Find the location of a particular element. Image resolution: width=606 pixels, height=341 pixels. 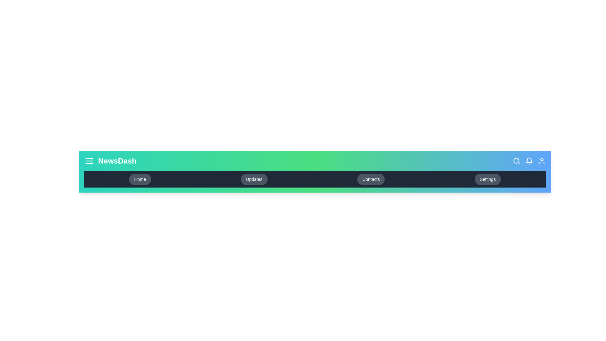

the user icon in the app bar is located at coordinates (542, 160).